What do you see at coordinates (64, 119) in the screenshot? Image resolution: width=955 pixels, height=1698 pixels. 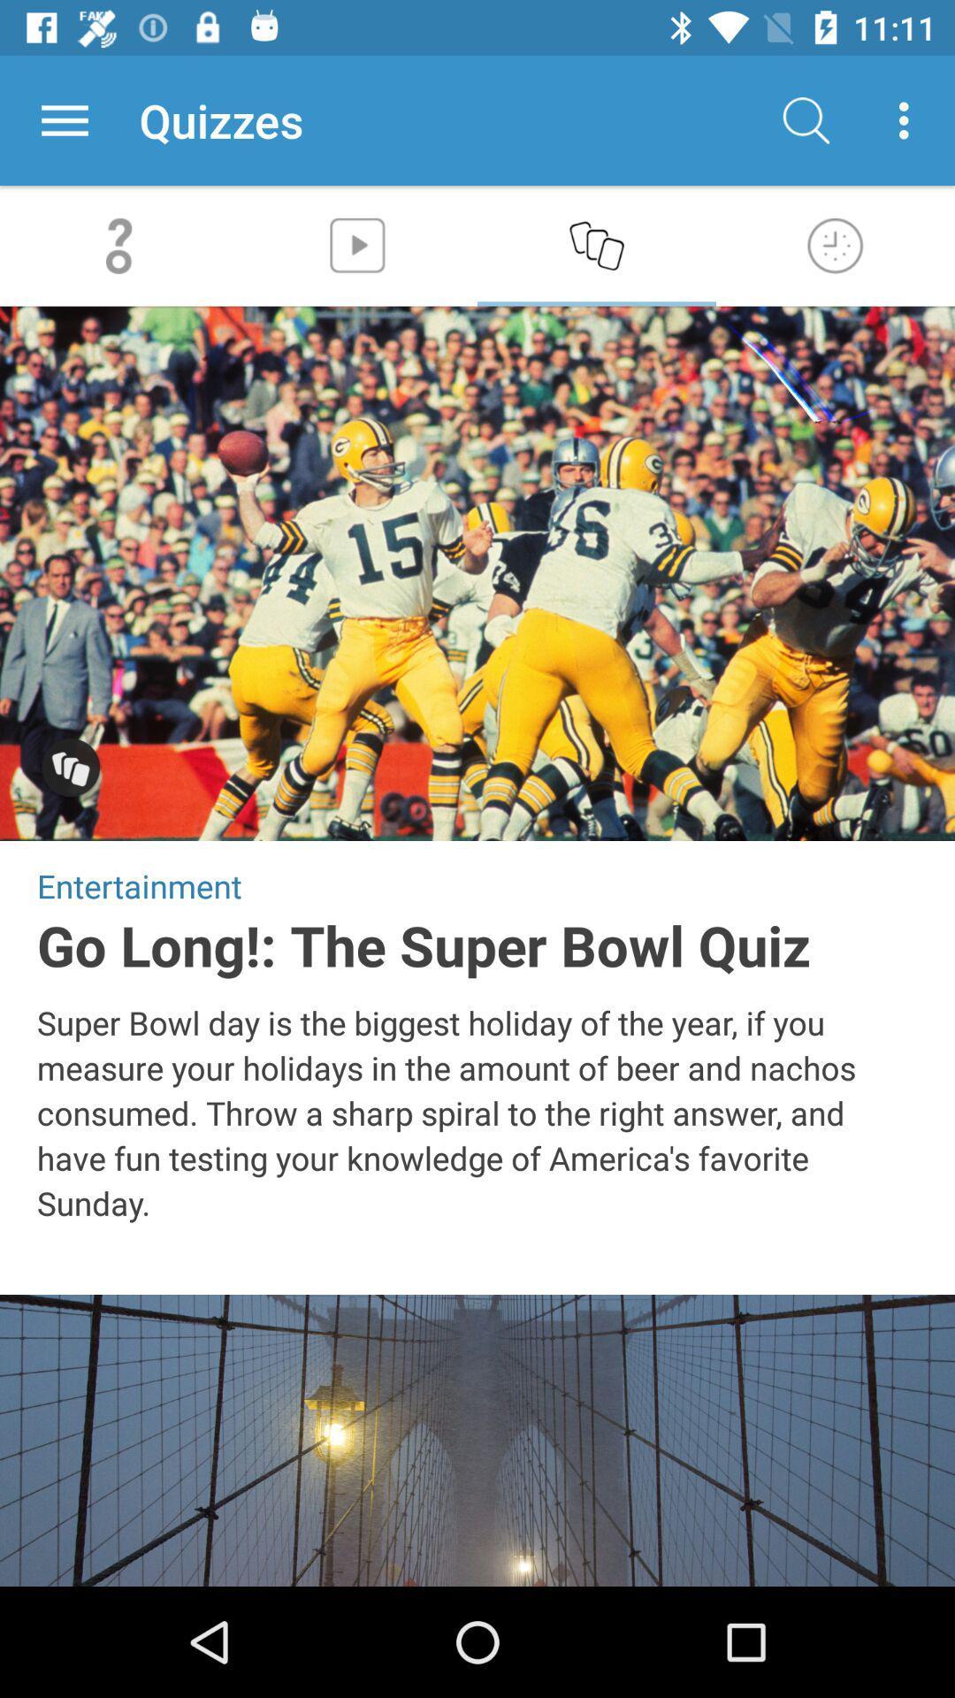 I see `icon to the left of the quizzes app` at bounding box center [64, 119].